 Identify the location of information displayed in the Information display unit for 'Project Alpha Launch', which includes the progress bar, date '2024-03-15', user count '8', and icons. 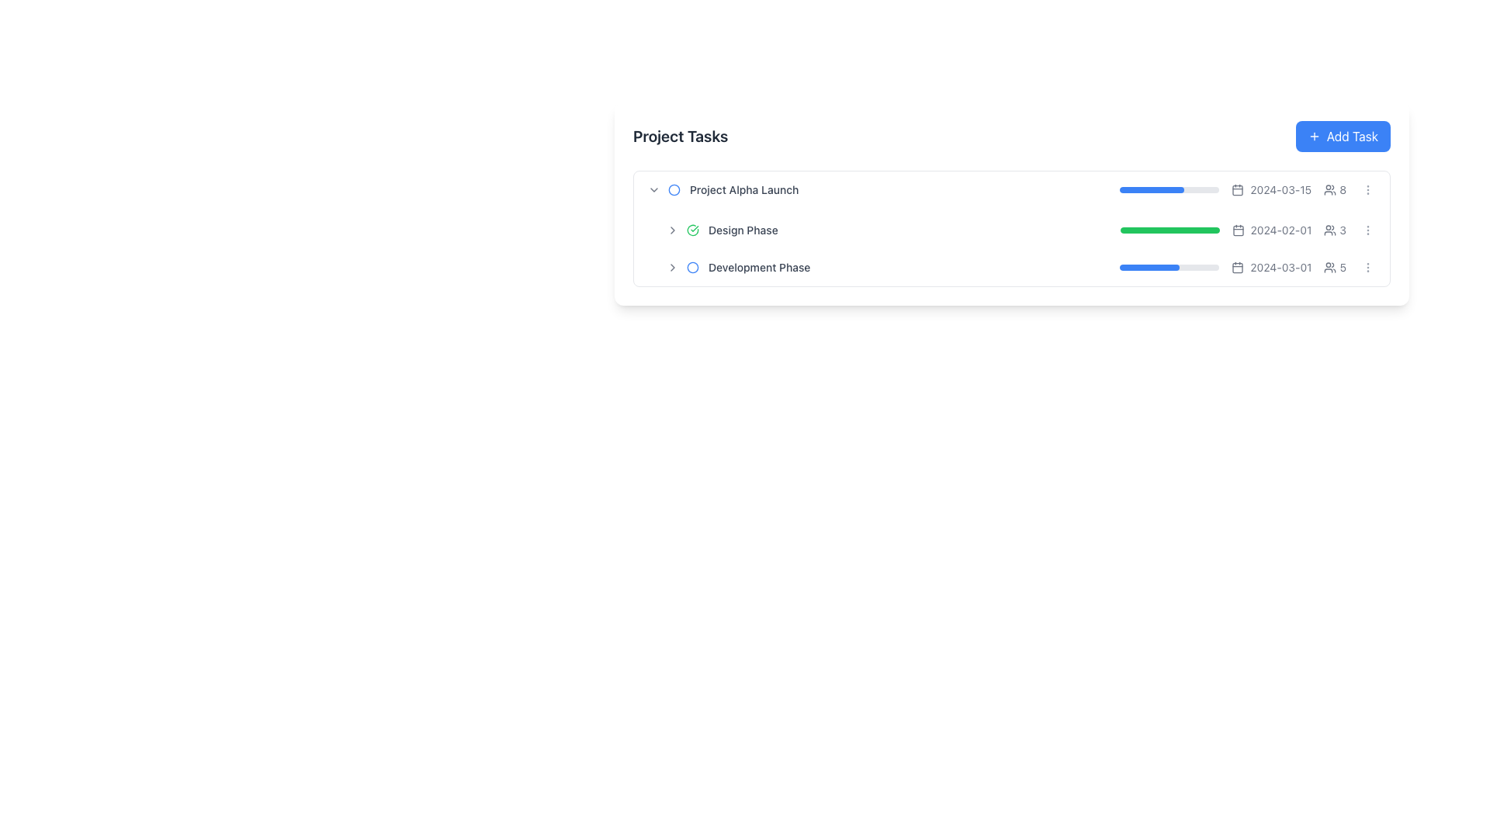
(1249, 189).